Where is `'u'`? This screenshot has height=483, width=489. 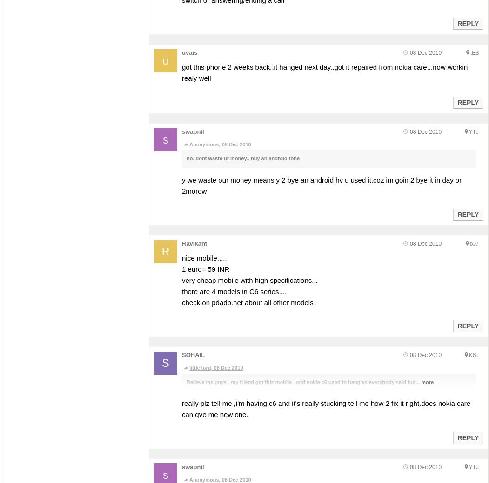
'u' is located at coordinates (165, 60).